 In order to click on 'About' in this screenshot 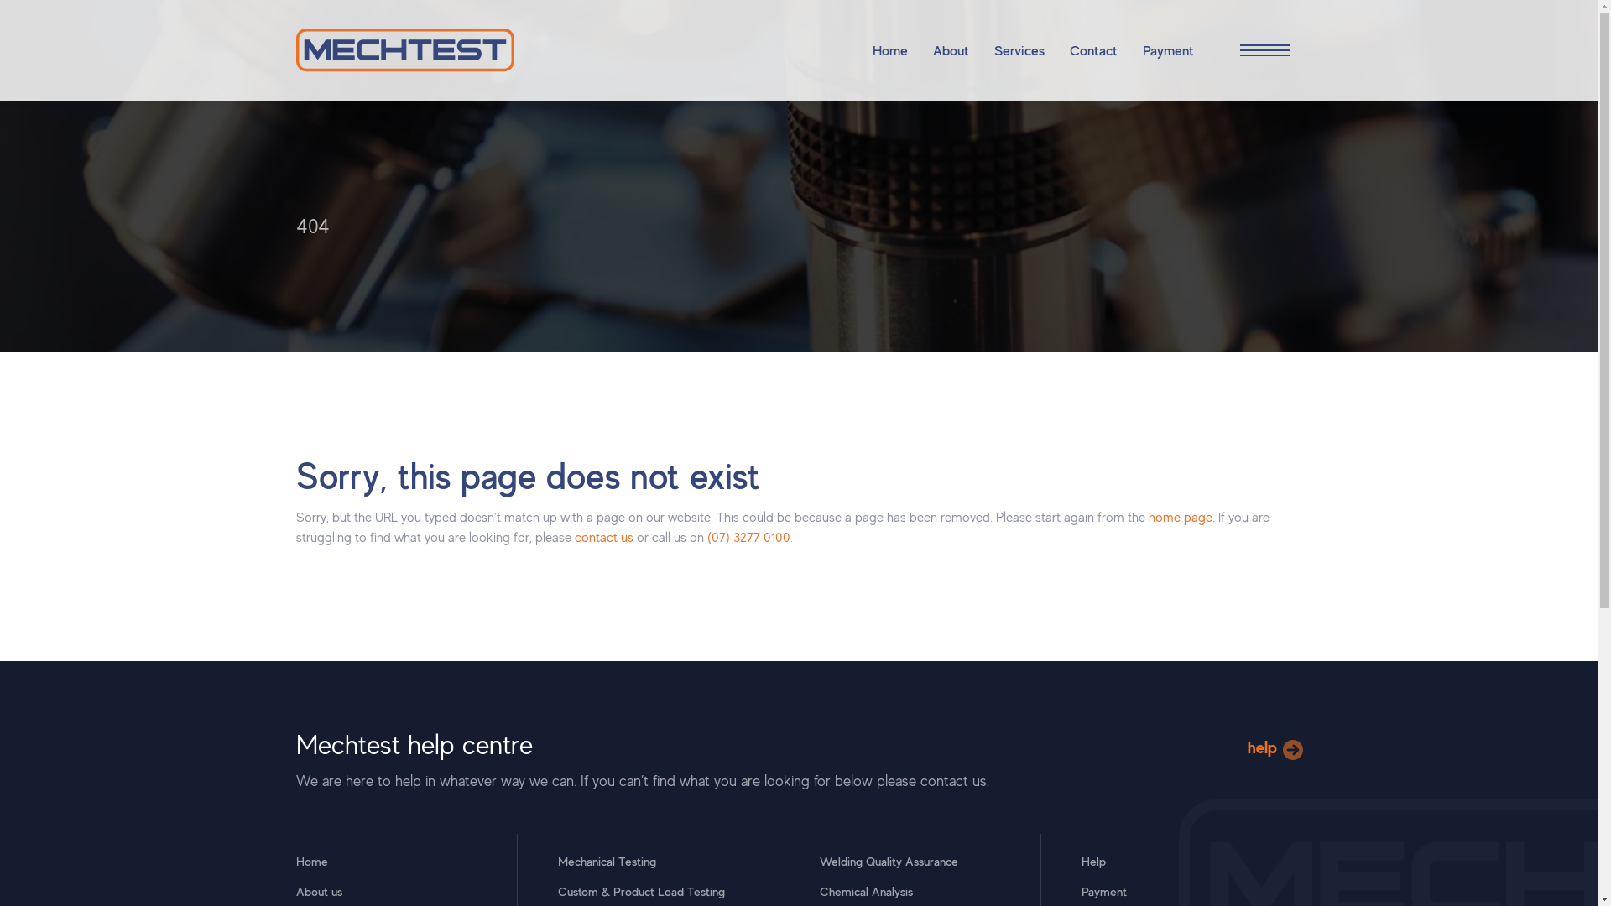, I will do `click(951, 49)`.